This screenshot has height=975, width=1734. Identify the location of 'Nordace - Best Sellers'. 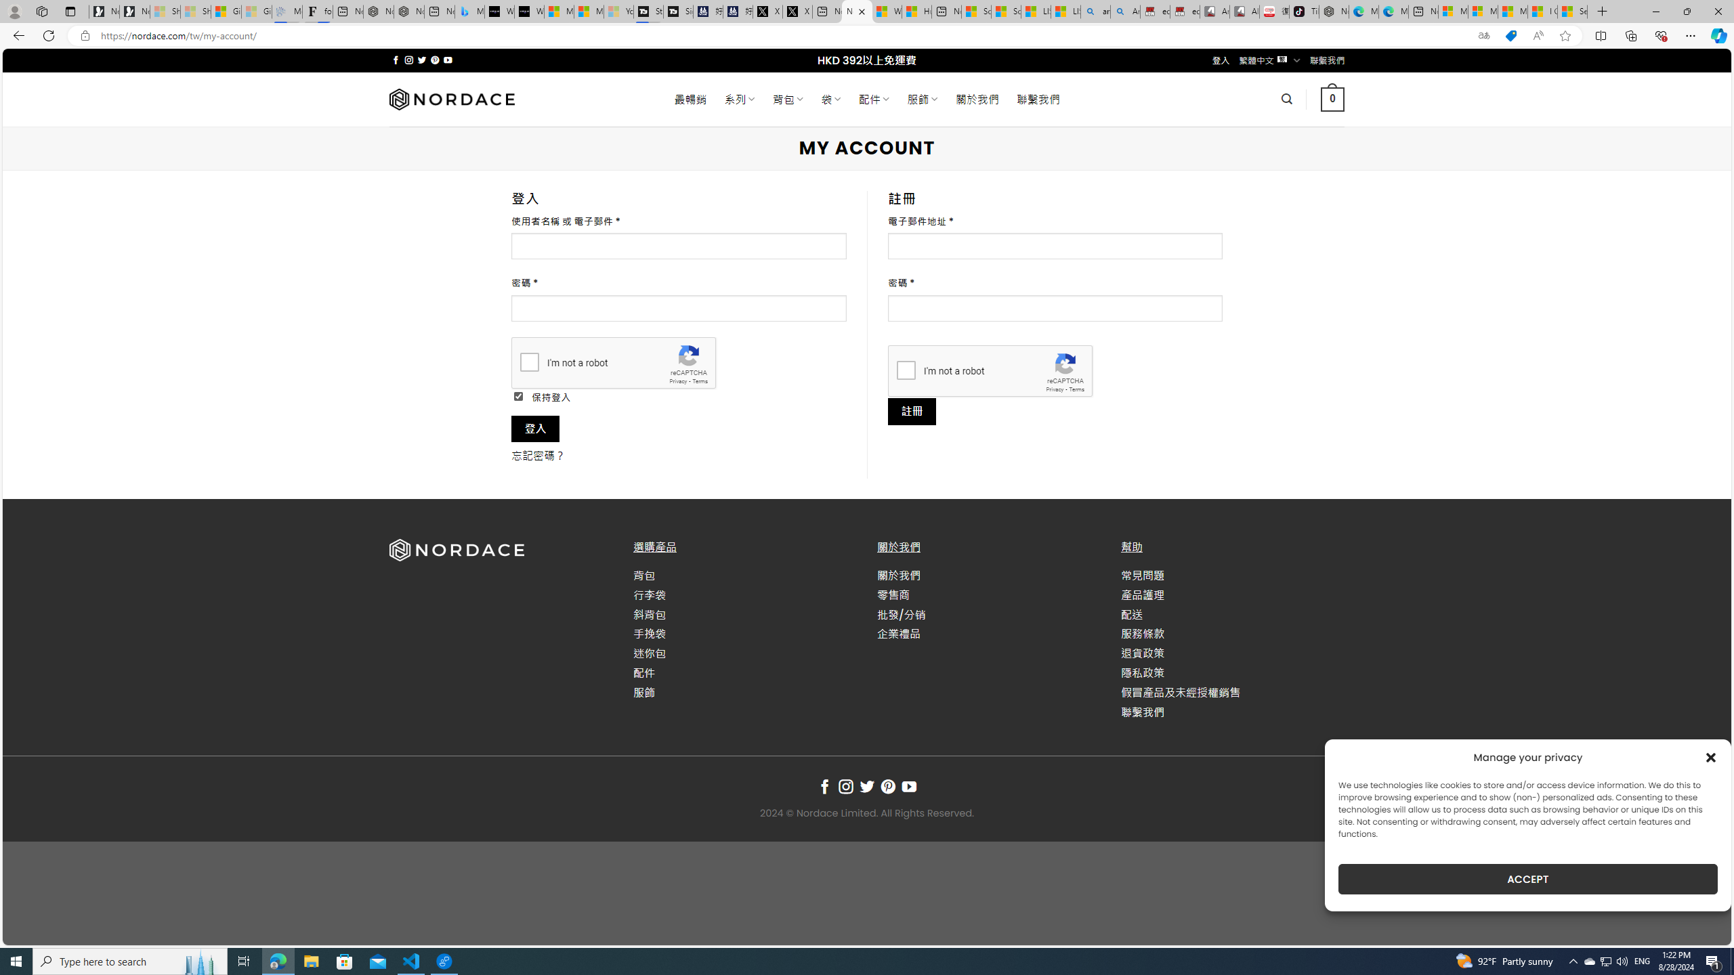
(1333, 11).